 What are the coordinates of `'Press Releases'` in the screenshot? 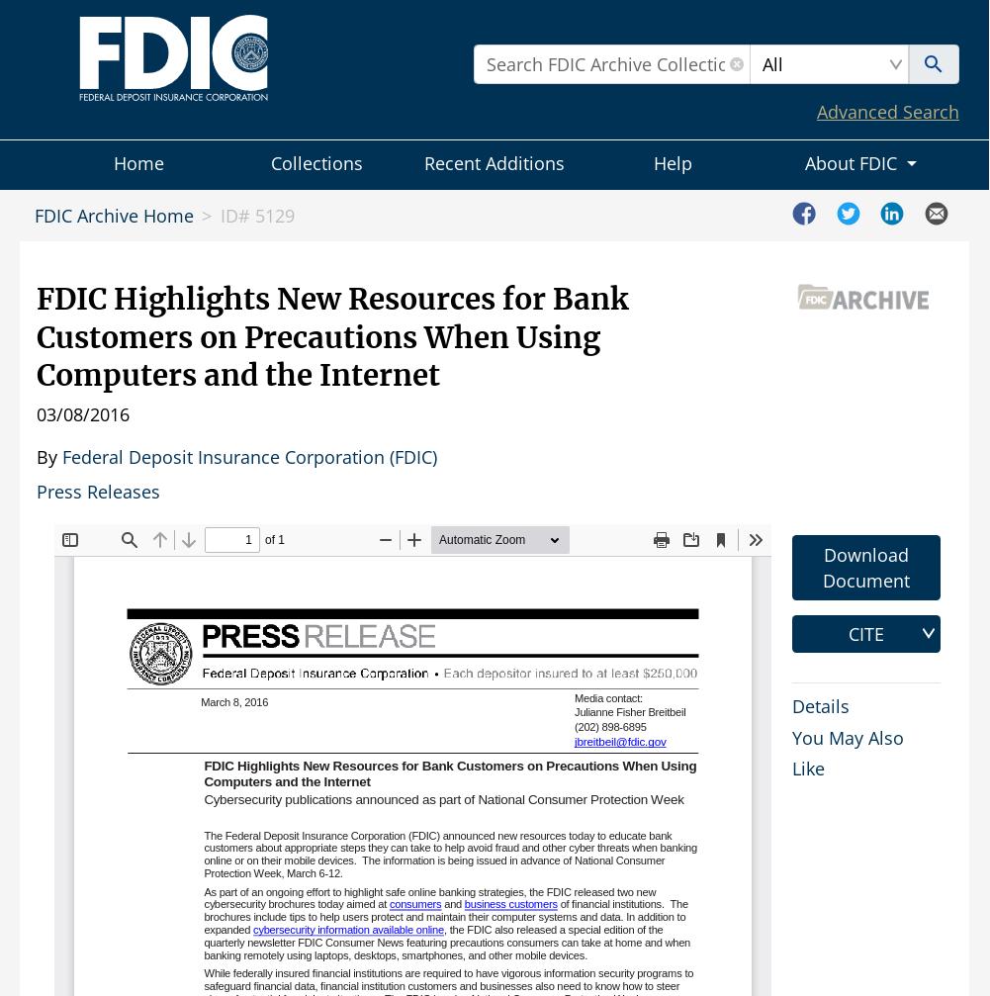 It's located at (97, 491).